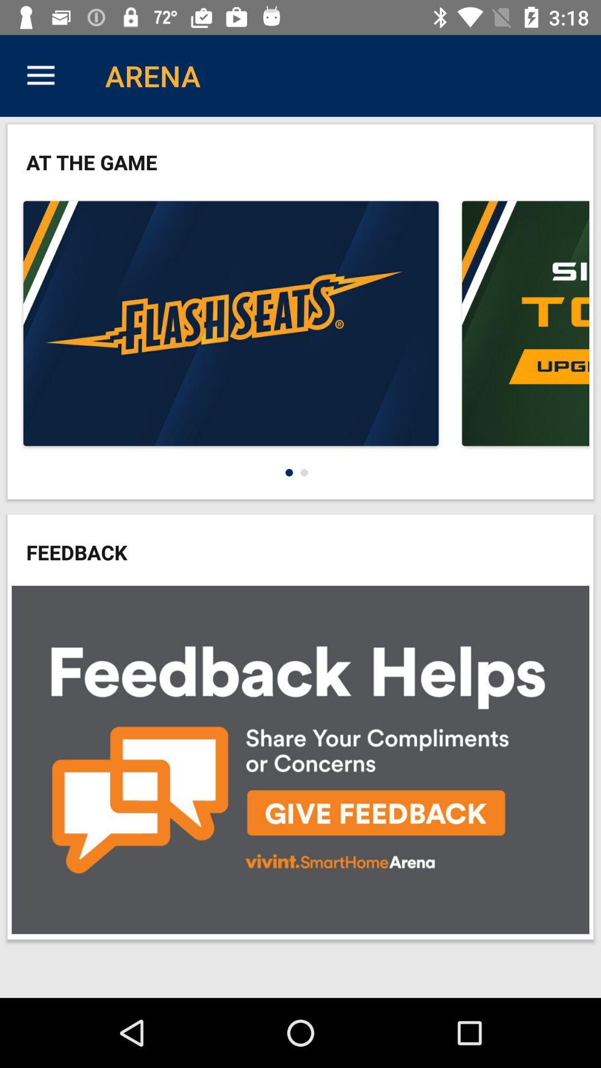 The width and height of the screenshot is (601, 1068). I want to click on icon next to arena icon, so click(40, 75).